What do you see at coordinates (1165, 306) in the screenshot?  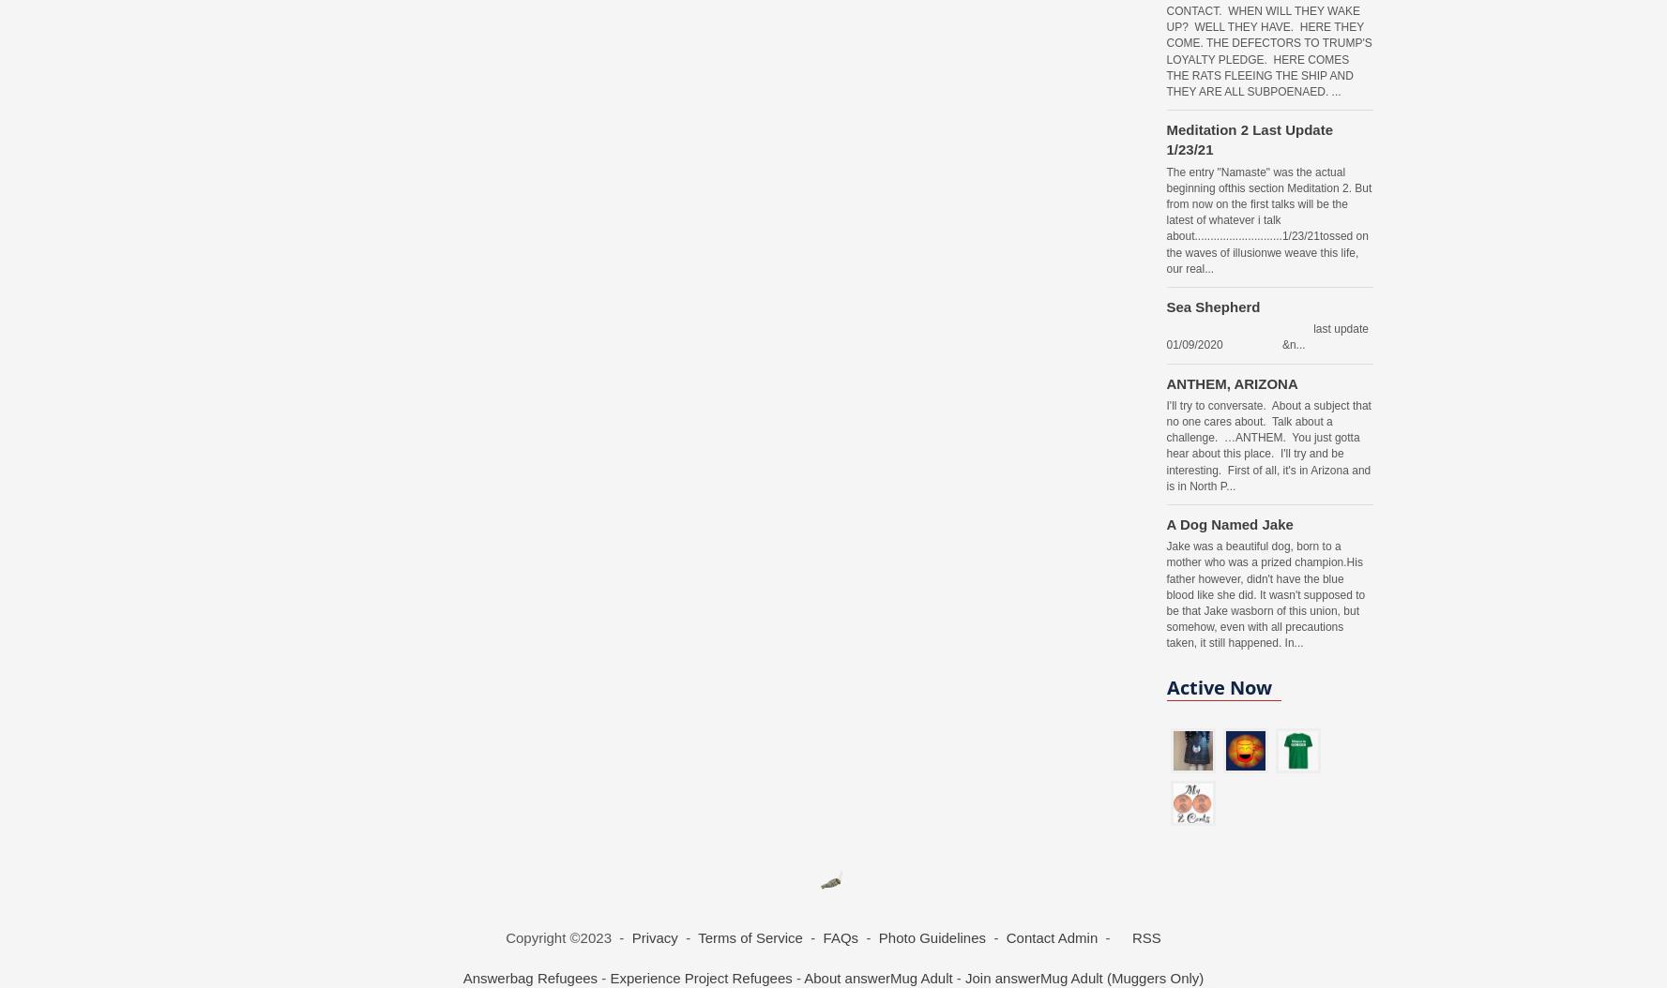 I see `'Sea Shepherd'` at bounding box center [1165, 306].